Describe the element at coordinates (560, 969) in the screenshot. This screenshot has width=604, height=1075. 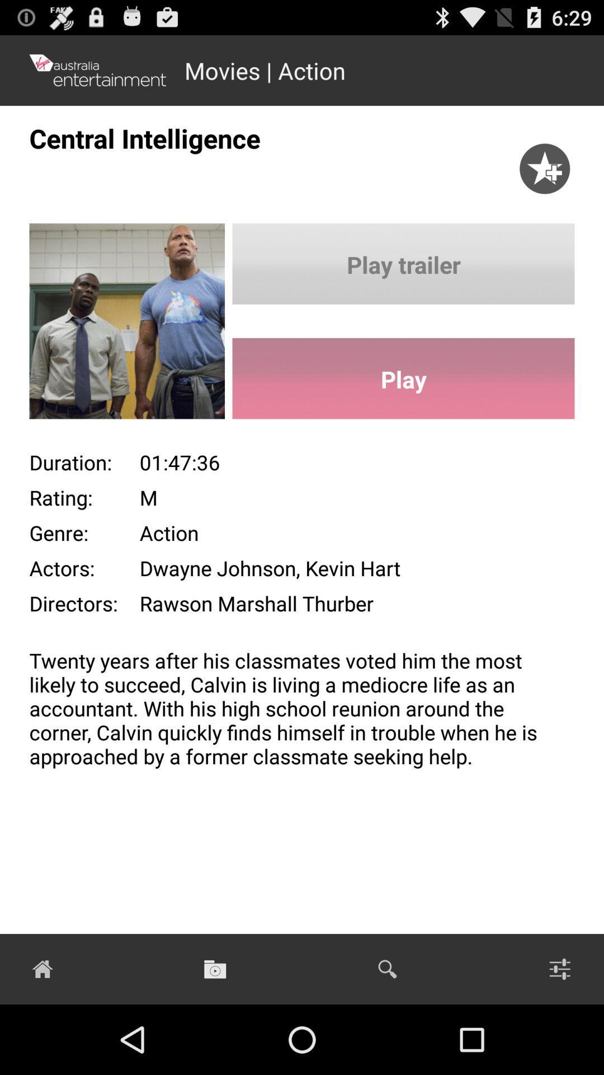
I see `the item at the bottom right corner` at that location.